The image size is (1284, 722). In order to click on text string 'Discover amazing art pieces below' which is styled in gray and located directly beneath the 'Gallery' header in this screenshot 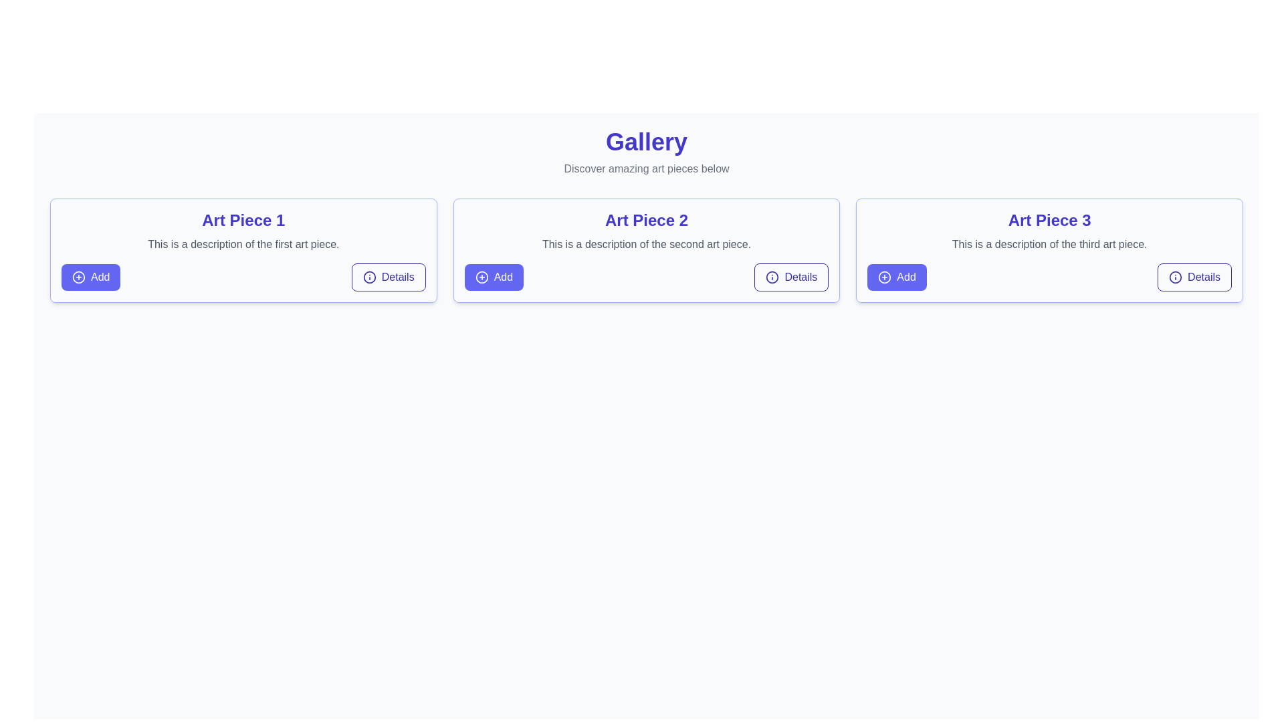, I will do `click(646, 168)`.